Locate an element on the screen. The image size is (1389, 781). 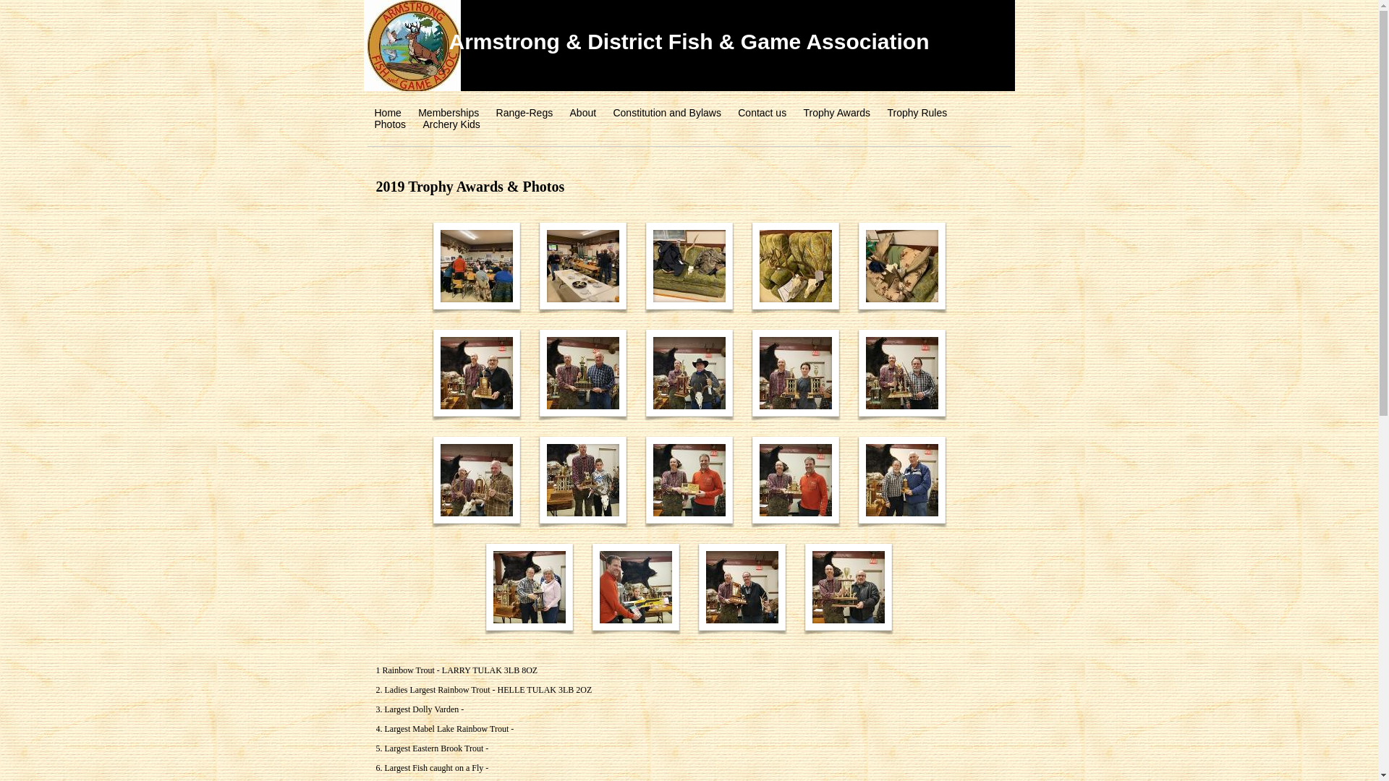
'About' is located at coordinates (583, 111).